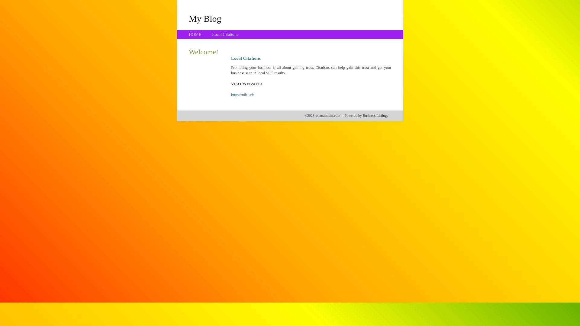 The height and width of the screenshot is (326, 580). Describe the element at coordinates (230, 94) in the screenshot. I see `'https://uib1.cf/'` at that location.